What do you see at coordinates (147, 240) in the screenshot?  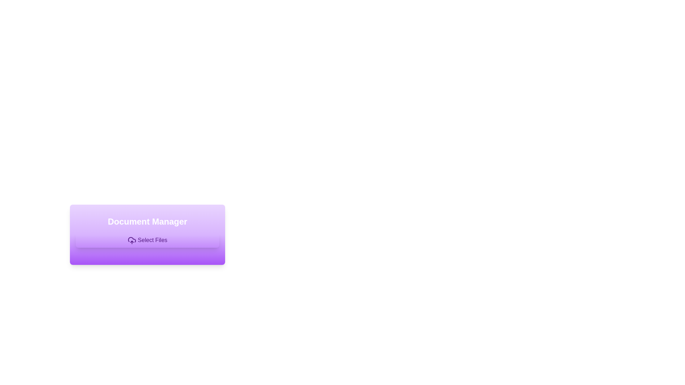 I see `keyboard navigation` at bounding box center [147, 240].